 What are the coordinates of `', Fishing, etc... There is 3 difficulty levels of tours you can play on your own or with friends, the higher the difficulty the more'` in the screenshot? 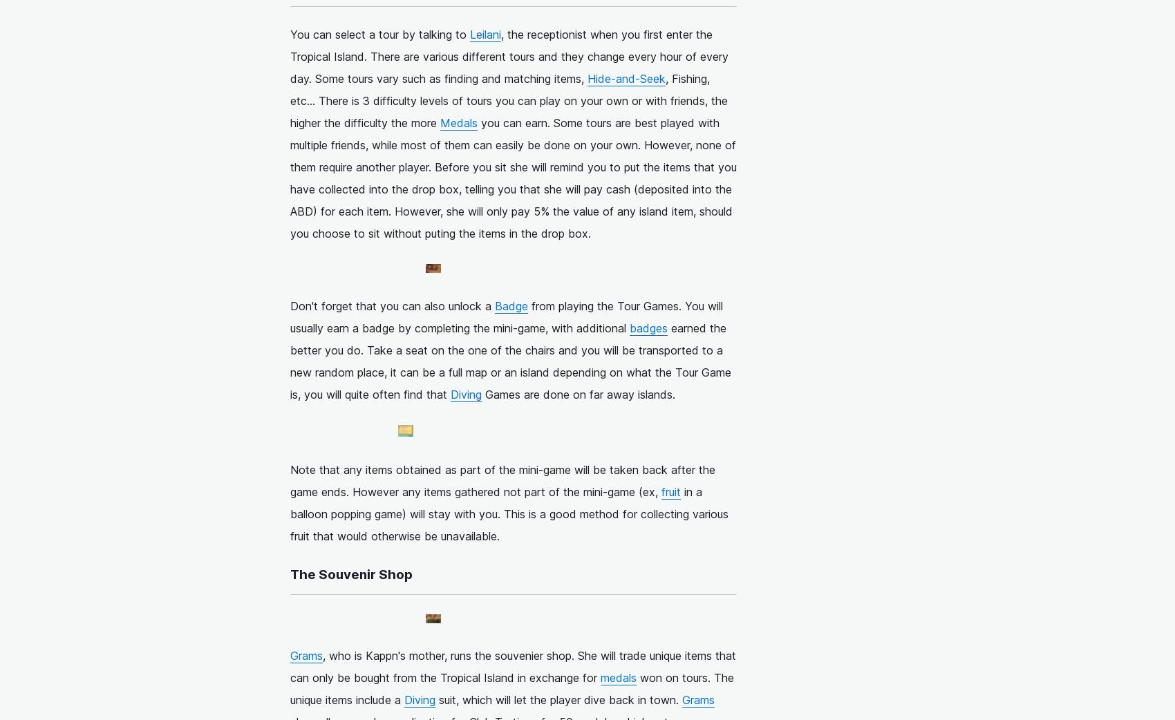 It's located at (509, 100).